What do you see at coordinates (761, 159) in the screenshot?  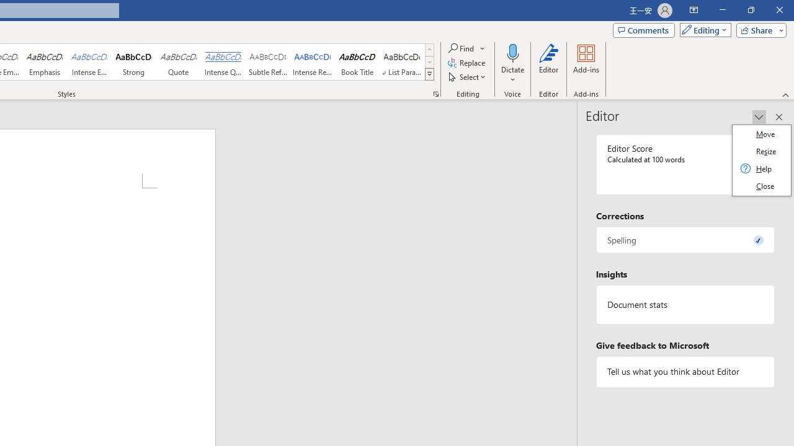 I see `'Class: Net UI Tool Window'` at bounding box center [761, 159].